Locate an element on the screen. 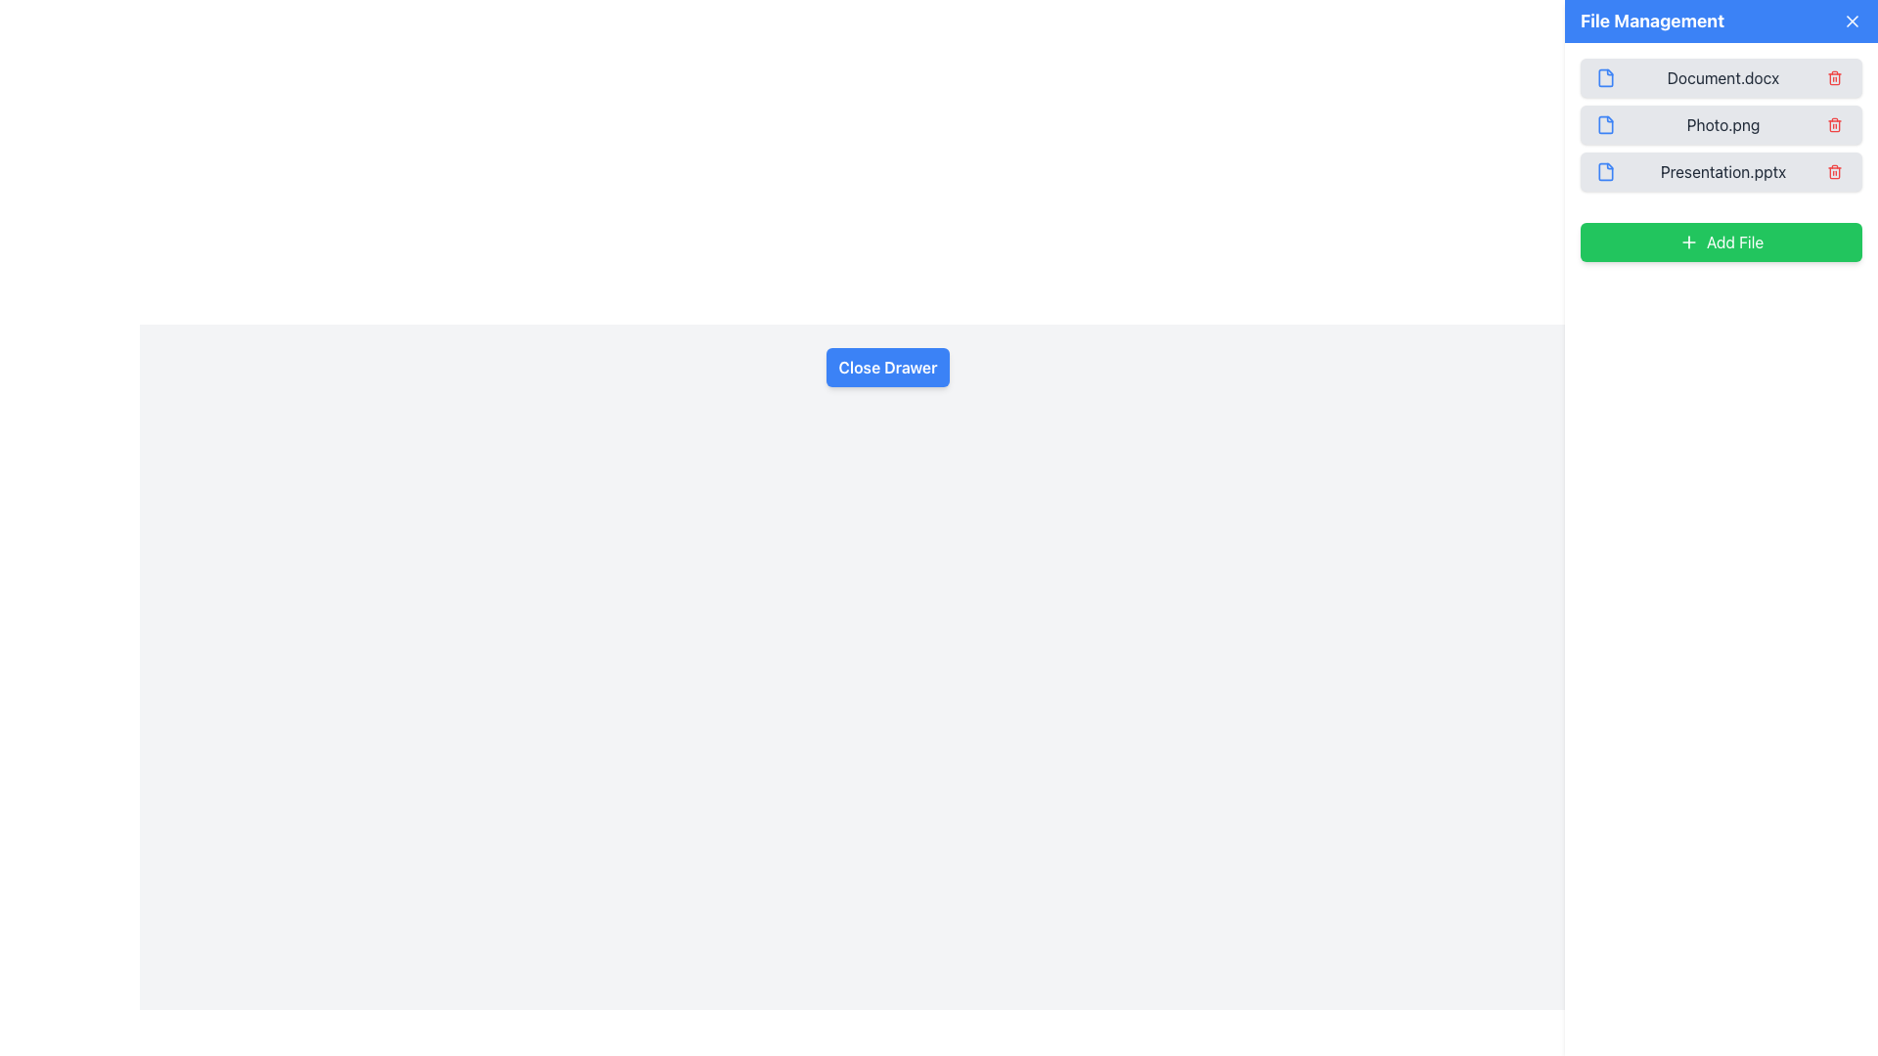 This screenshot has height=1056, width=1878. the 'Add File' button with a green background and rounded edges located at the bottom of the 'File Management' panel is located at coordinates (1721, 241).